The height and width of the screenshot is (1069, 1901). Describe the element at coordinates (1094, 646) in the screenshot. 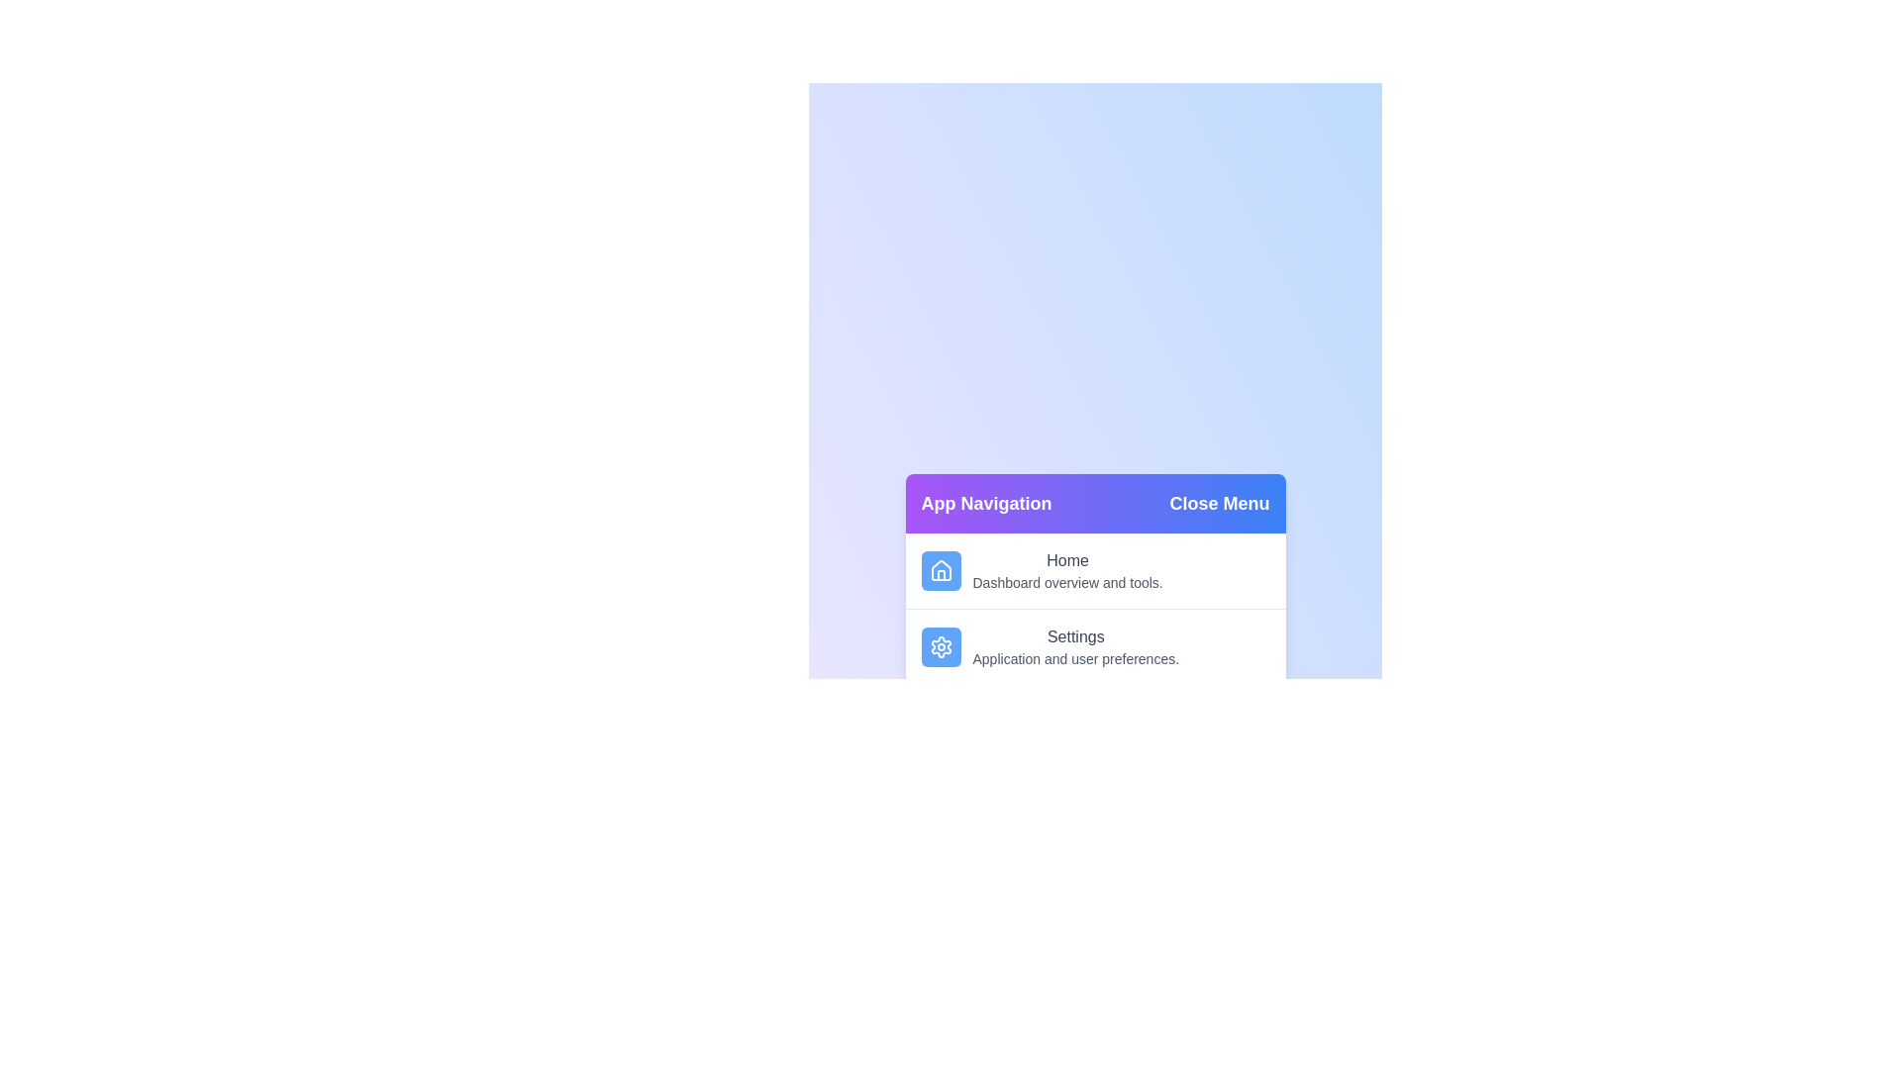

I see `the menu item labeled 'Settings' to observe its hover effect` at that location.